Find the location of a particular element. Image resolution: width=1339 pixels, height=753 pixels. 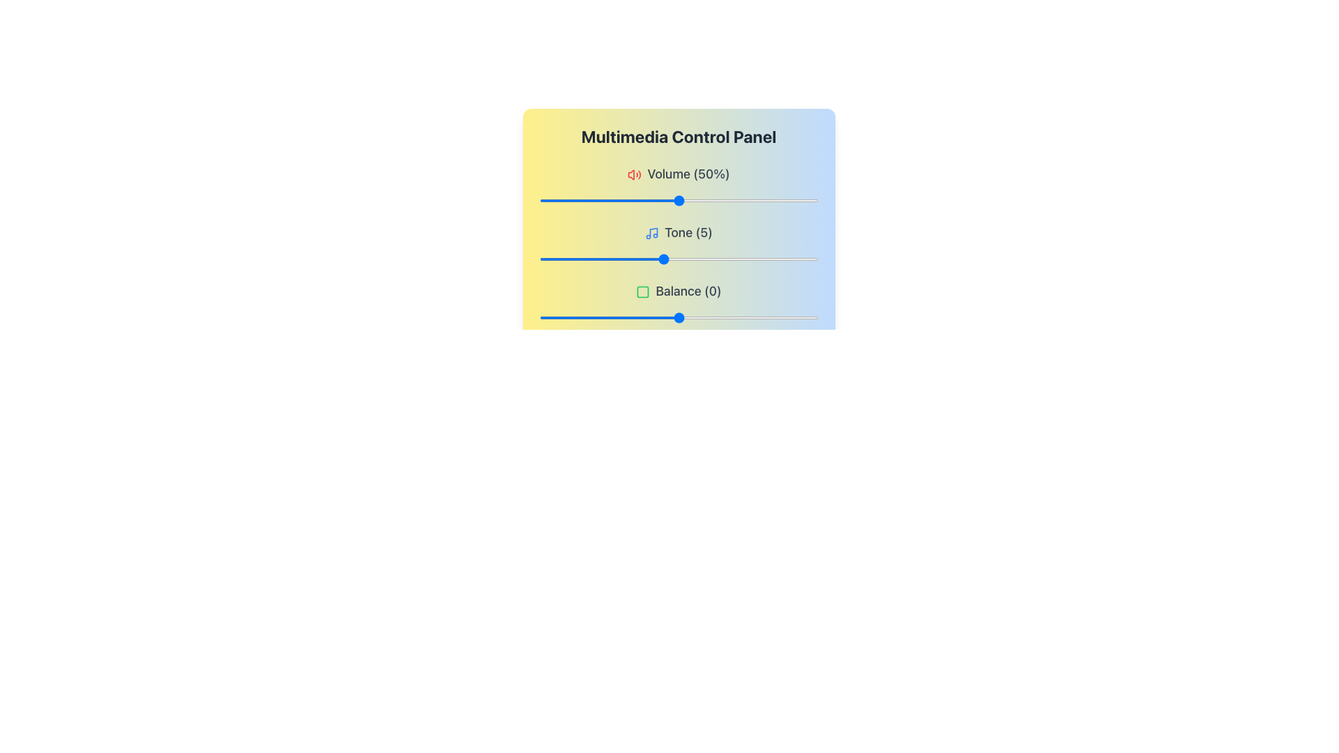

the 'Tone' icon, which visually represents the 'Tone' functionality and is located immediately to the left of the 'Tone (5)' label is located at coordinates (651, 233).